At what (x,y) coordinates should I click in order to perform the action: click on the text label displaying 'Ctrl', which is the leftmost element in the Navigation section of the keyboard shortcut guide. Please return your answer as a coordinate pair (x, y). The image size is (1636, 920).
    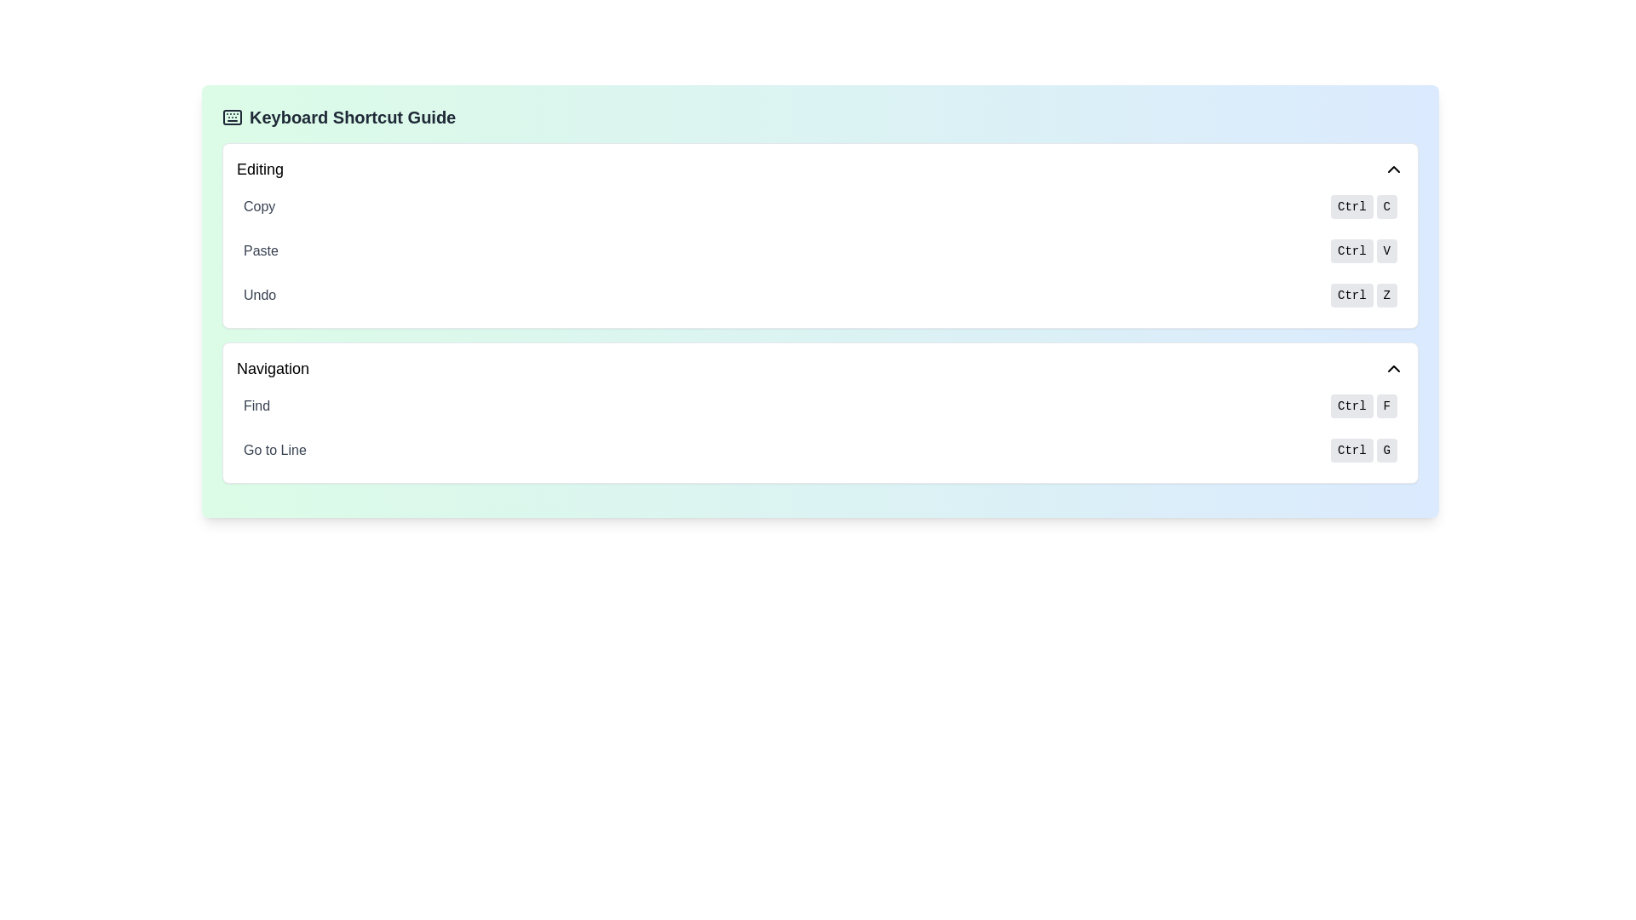
    Looking at the image, I should click on (1351, 449).